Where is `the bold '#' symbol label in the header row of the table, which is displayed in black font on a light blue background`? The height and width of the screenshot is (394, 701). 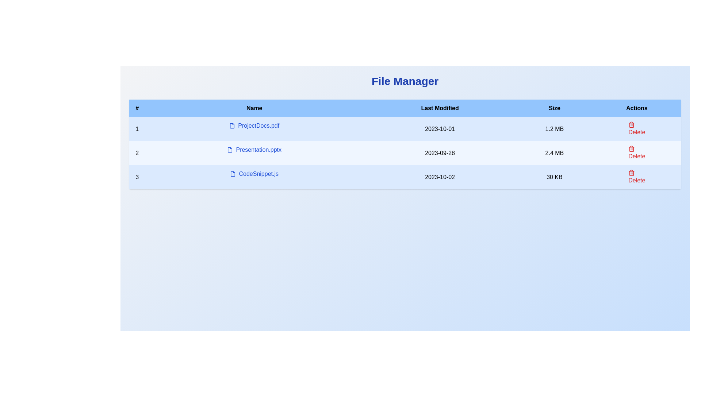
the bold '#' symbol label in the header row of the table, which is displayed in black font on a light blue background is located at coordinates (137, 108).